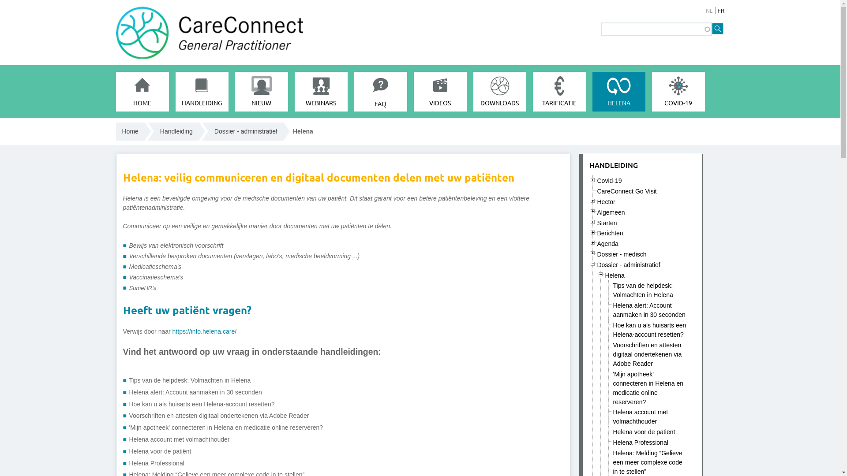 The height and width of the screenshot is (476, 847). What do you see at coordinates (606, 202) in the screenshot?
I see `'Hector'` at bounding box center [606, 202].